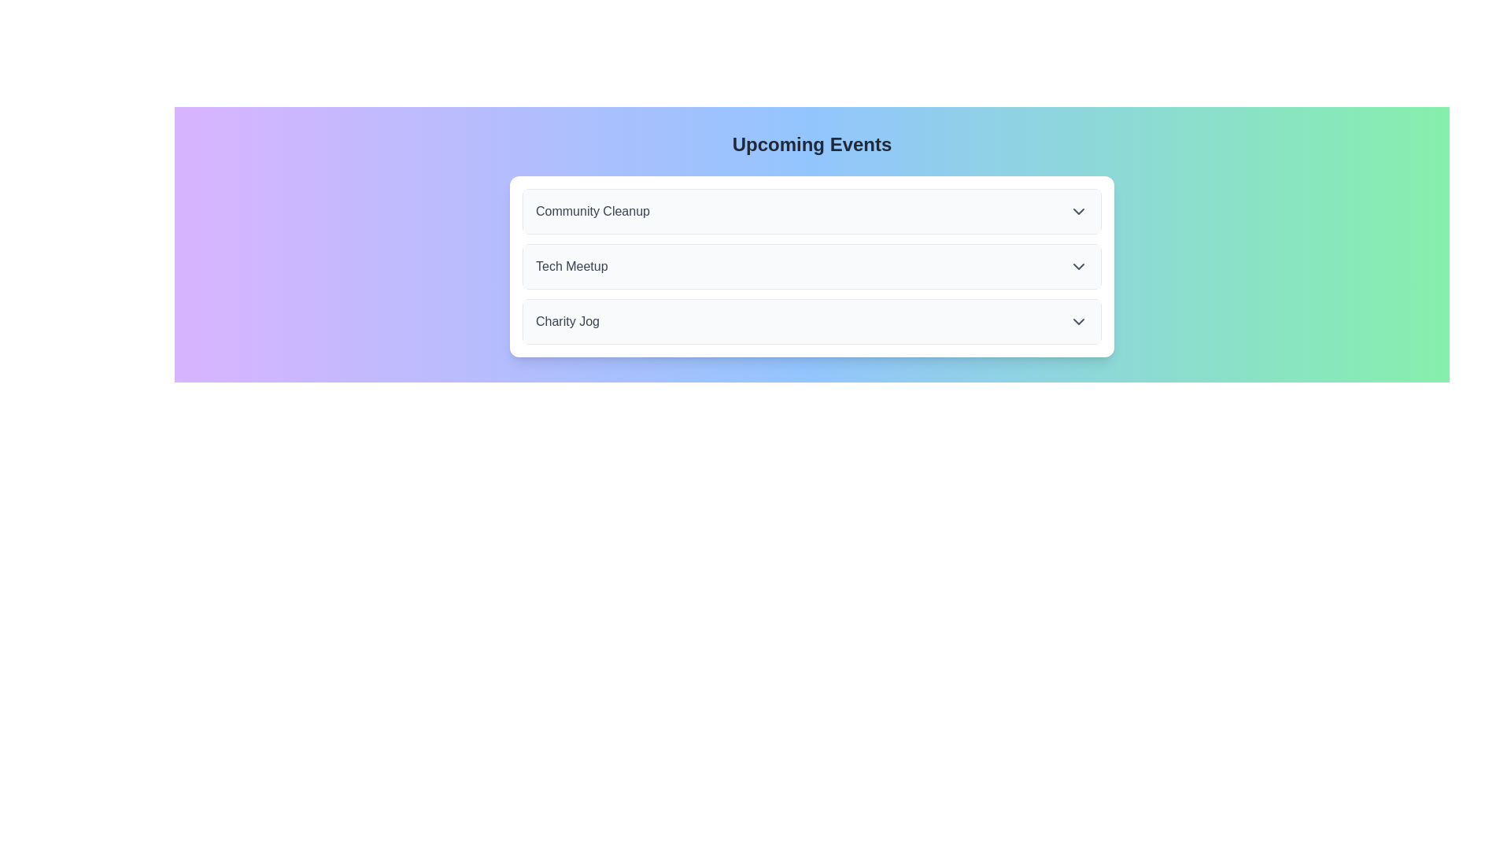 This screenshot has width=1511, height=850. What do you see at coordinates (812, 266) in the screenshot?
I see `the 'Tech Meetup' button in the second position of the vertically stacked list of upcoming events` at bounding box center [812, 266].